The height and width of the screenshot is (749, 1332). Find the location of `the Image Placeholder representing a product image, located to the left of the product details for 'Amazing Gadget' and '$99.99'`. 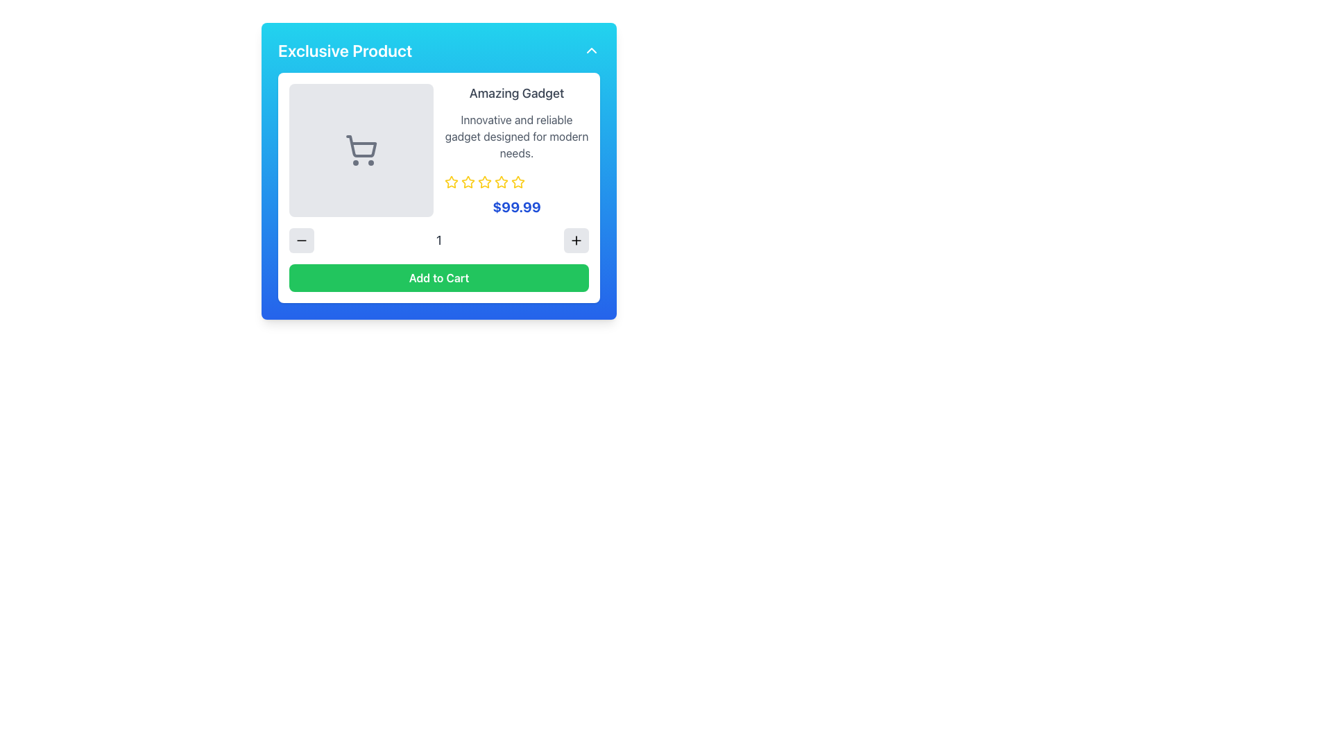

the Image Placeholder representing a product image, located to the left of the product details for 'Amazing Gadget' and '$99.99' is located at coordinates (361, 150).